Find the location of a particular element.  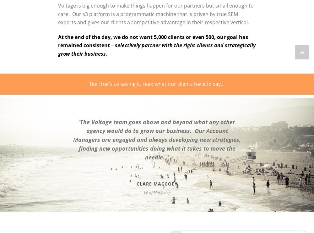

'Our Account Managers are engaged and always developing new strategies, finding new opportunities doing what it takes to move the needle…’' is located at coordinates (157, 143).